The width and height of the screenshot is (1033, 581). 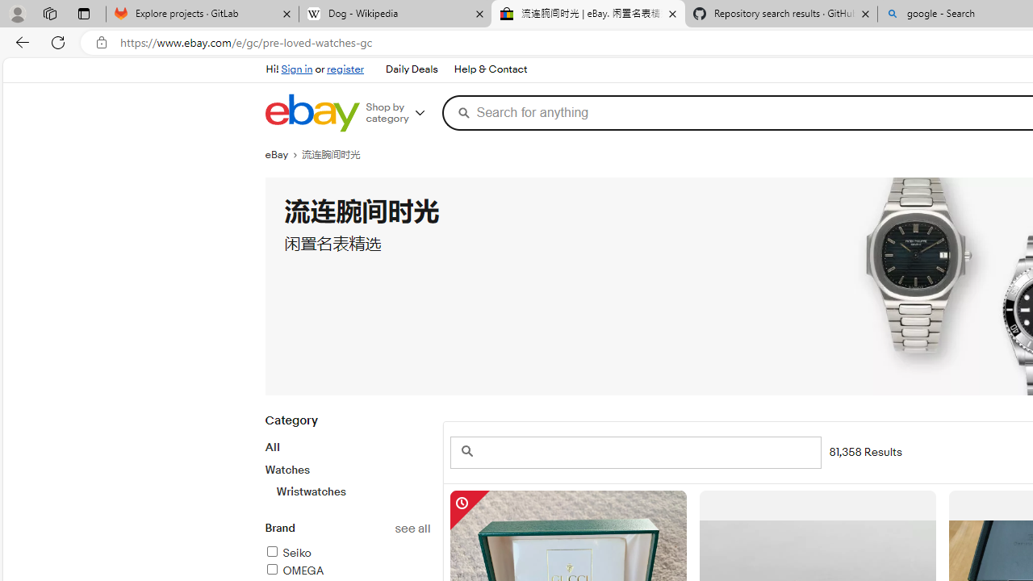 What do you see at coordinates (412, 69) in the screenshot?
I see `'Daily Deals'` at bounding box center [412, 69].